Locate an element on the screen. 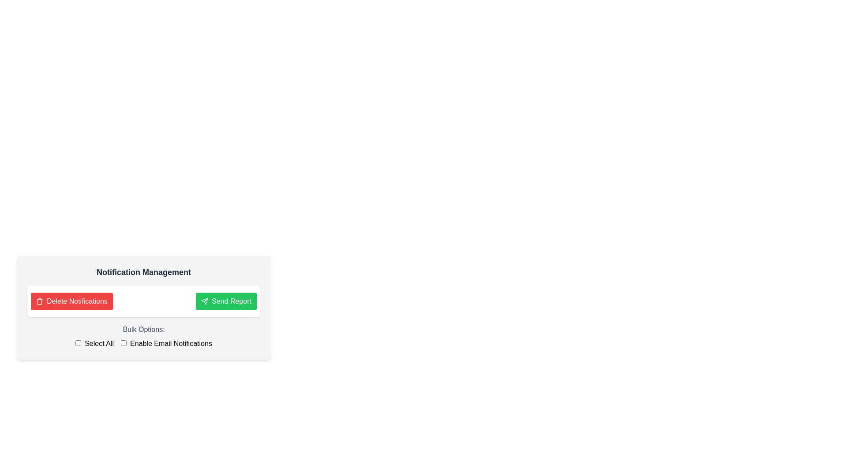 This screenshot has height=476, width=847. the red 'Delete Notifications' button with white text and a trash can icon is located at coordinates (72, 301).